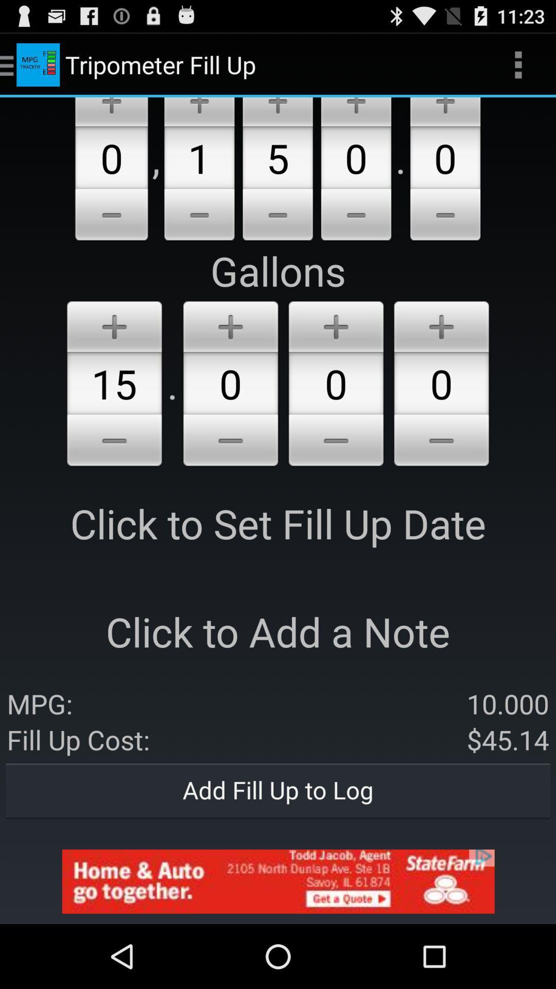 This screenshot has width=556, height=989. Describe the element at coordinates (355, 112) in the screenshot. I see `increase number` at that location.